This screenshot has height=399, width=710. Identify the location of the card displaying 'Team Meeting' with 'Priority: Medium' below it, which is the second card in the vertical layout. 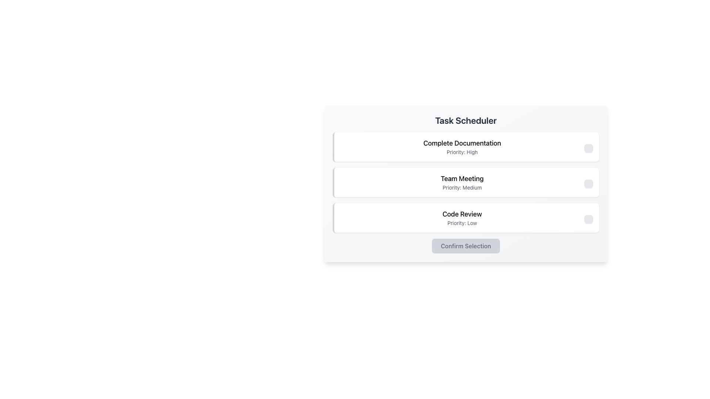
(465, 182).